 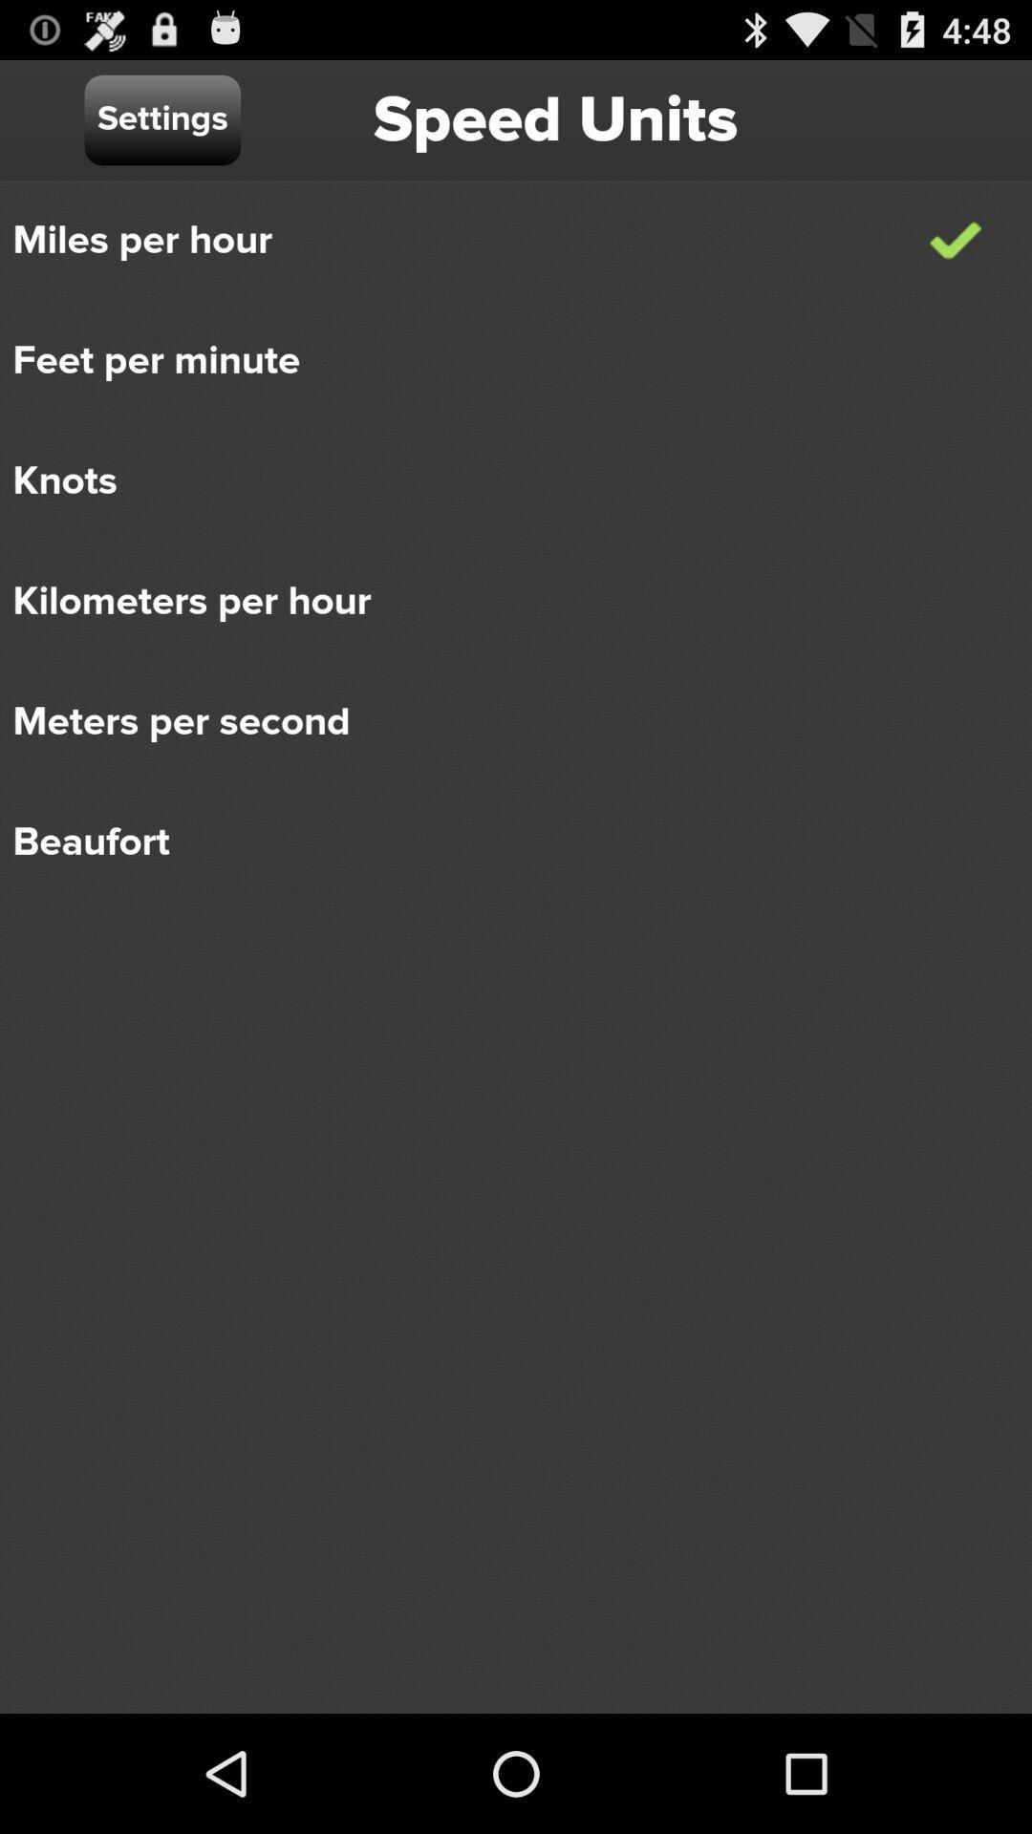 I want to click on the beaufort item, so click(x=502, y=842).